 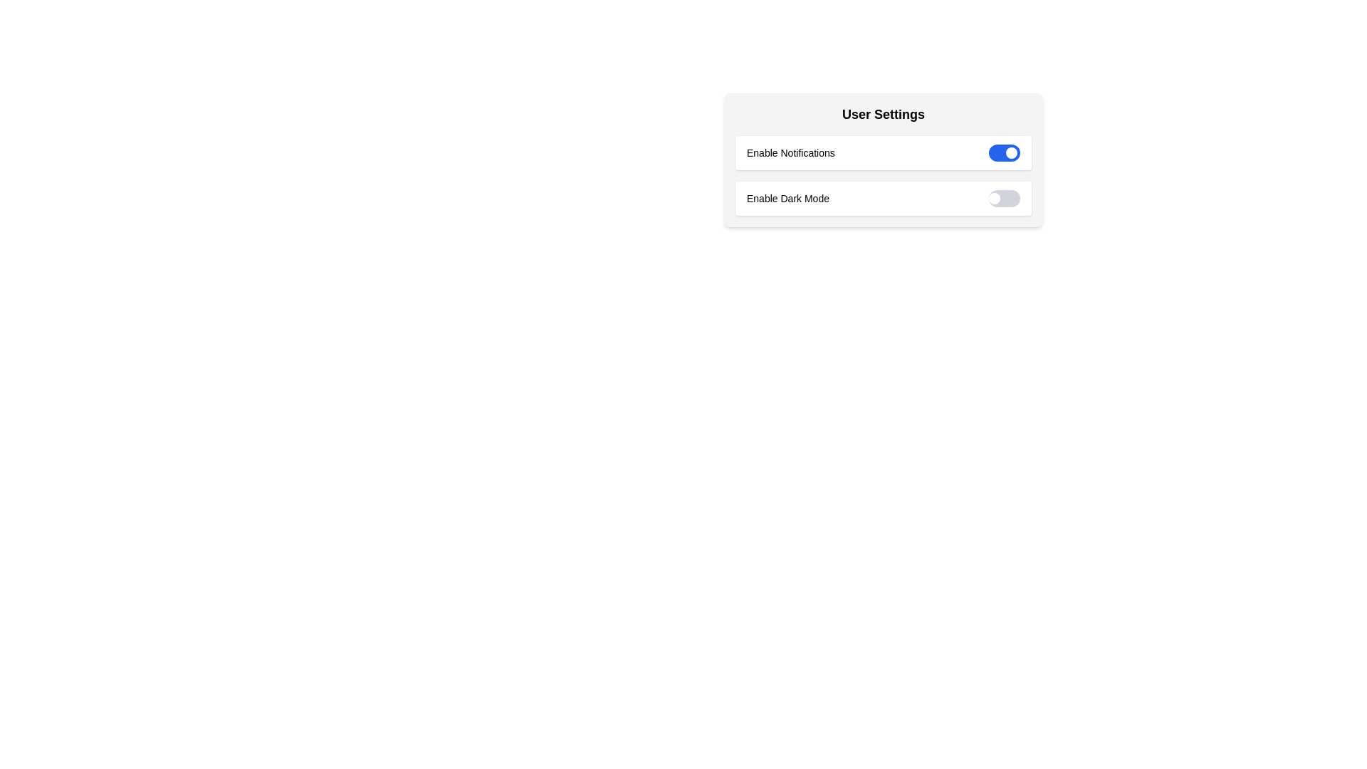 I want to click on the toggle switch styled in a light theme, located on the right side of the 'Enable Dark Mode' label in the 'User Settings' card interface, so click(x=1004, y=198).